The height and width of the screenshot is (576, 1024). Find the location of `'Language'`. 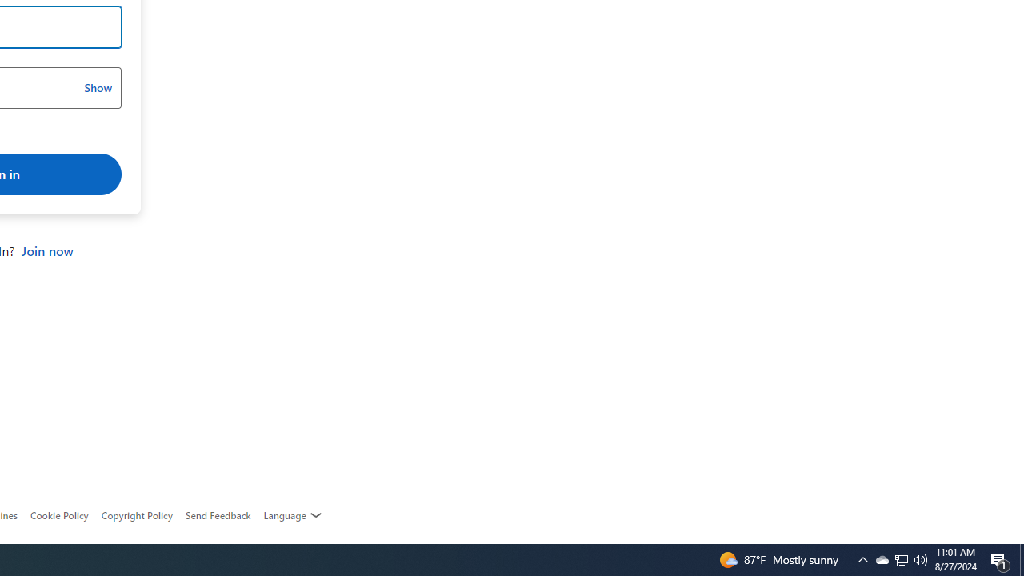

'Language' is located at coordinates (293, 515).